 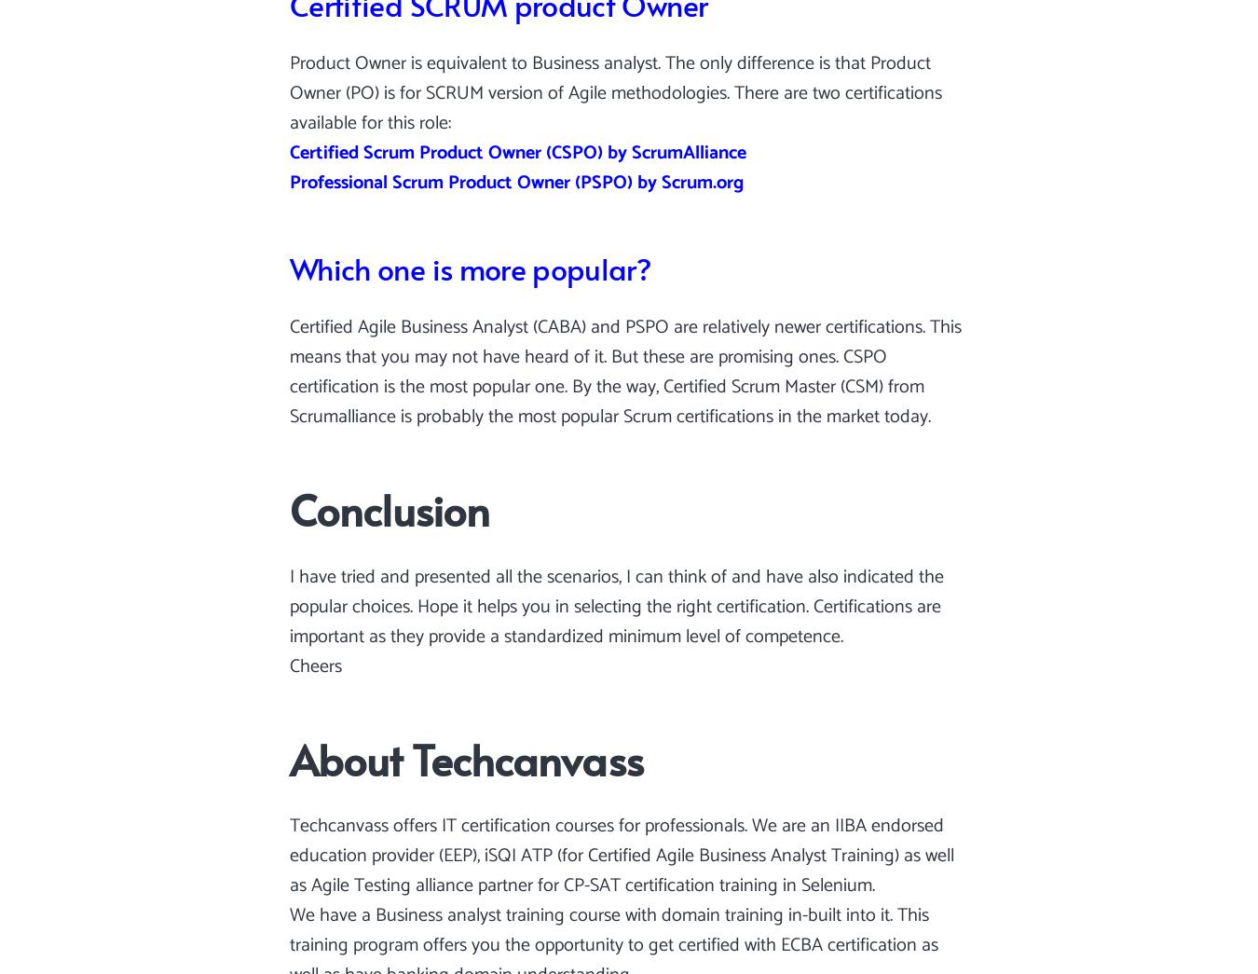 I want to click on 'About Techcanvass', so click(x=465, y=757).